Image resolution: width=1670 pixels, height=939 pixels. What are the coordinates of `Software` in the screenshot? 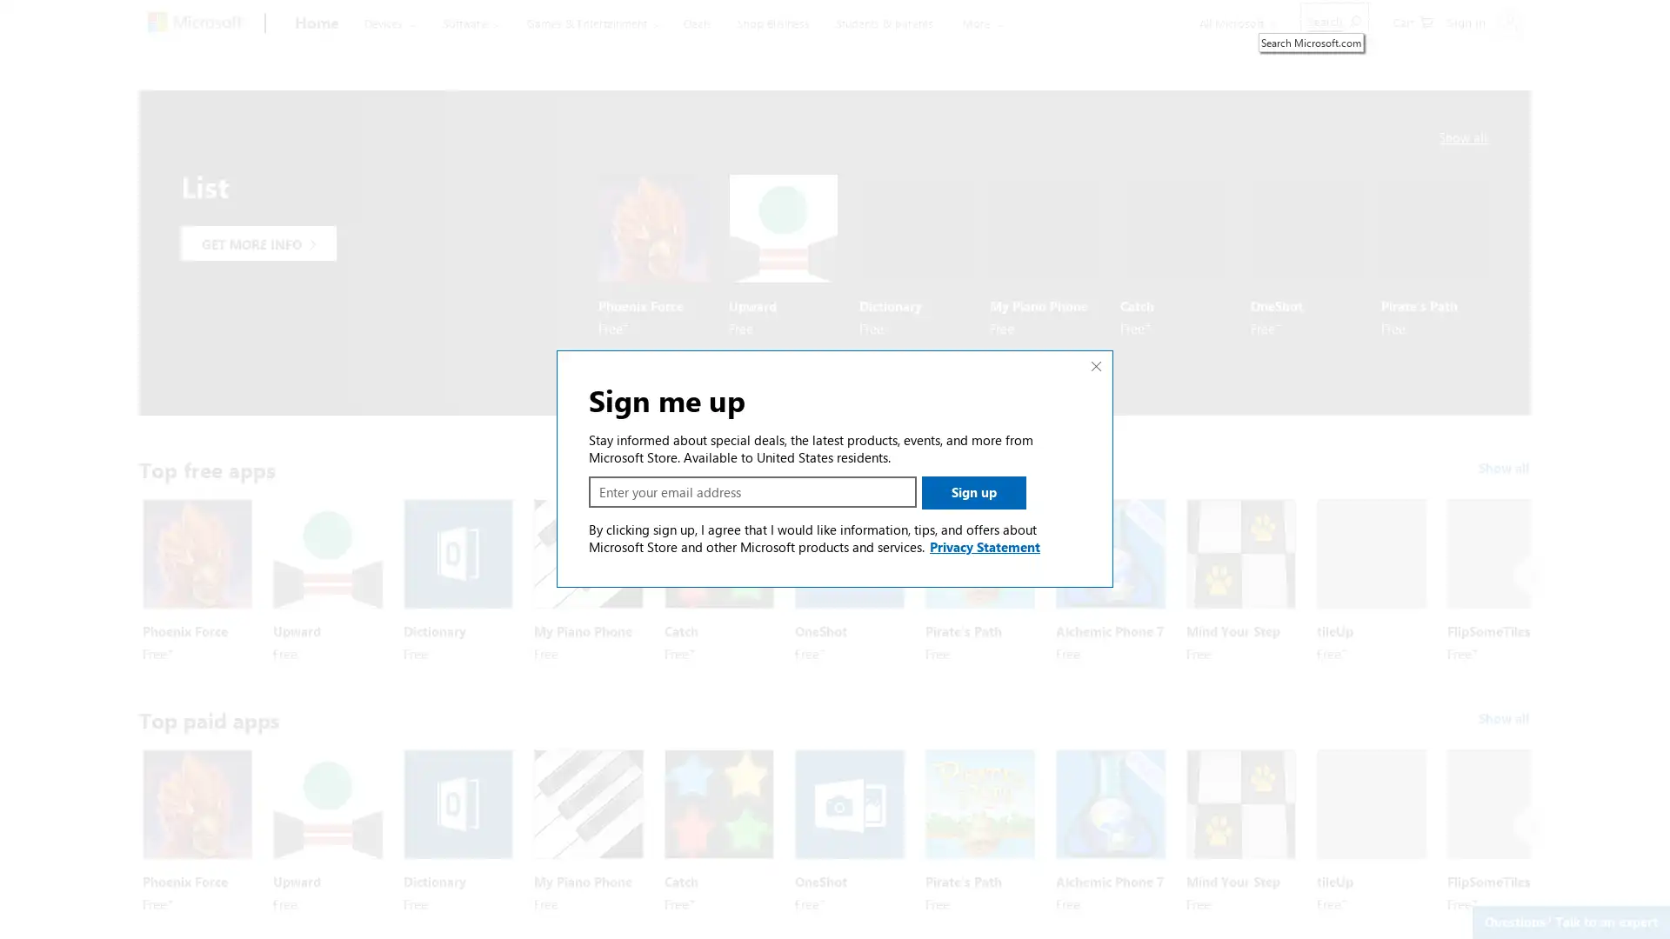 It's located at (471, 23).